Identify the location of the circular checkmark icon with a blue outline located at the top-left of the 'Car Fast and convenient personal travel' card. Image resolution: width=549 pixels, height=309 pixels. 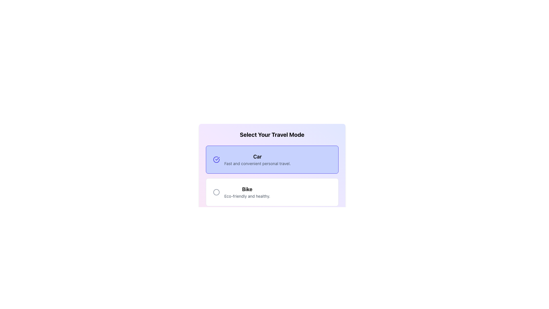
(216, 160).